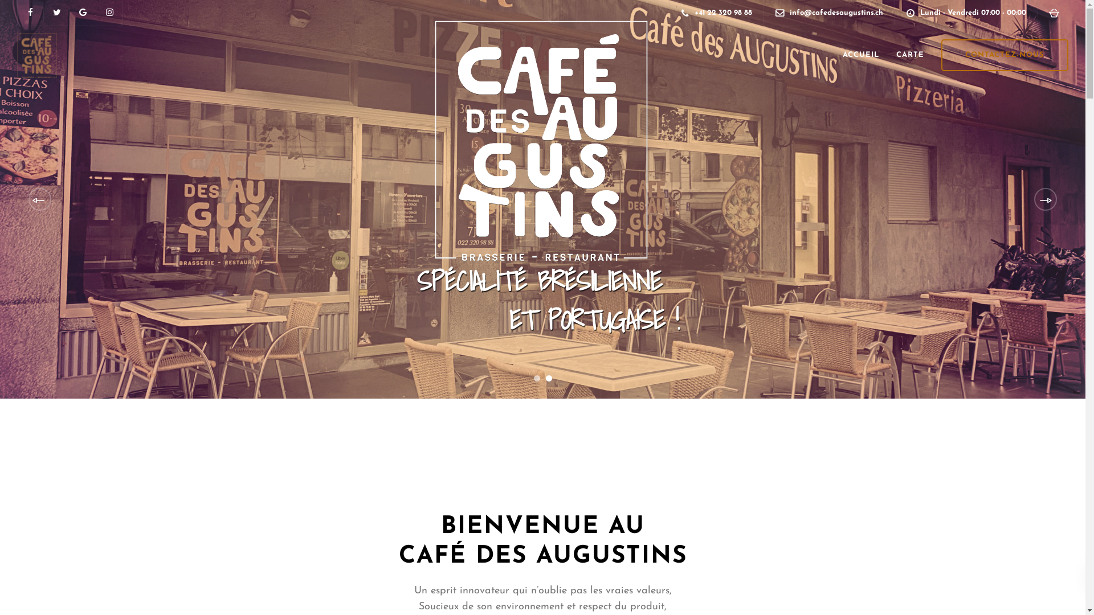 The width and height of the screenshot is (1094, 615). What do you see at coordinates (725, 13) in the screenshot?
I see `'+41 22 320 98 88'` at bounding box center [725, 13].